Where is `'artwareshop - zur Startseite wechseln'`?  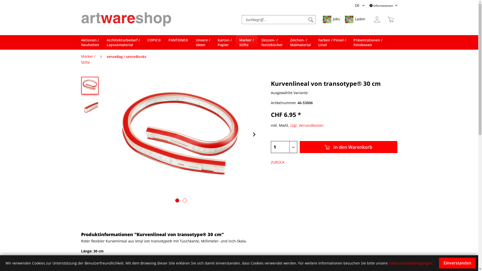
'artwareshop - zur Startseite wechseln' is located at coordinates (126, 19).